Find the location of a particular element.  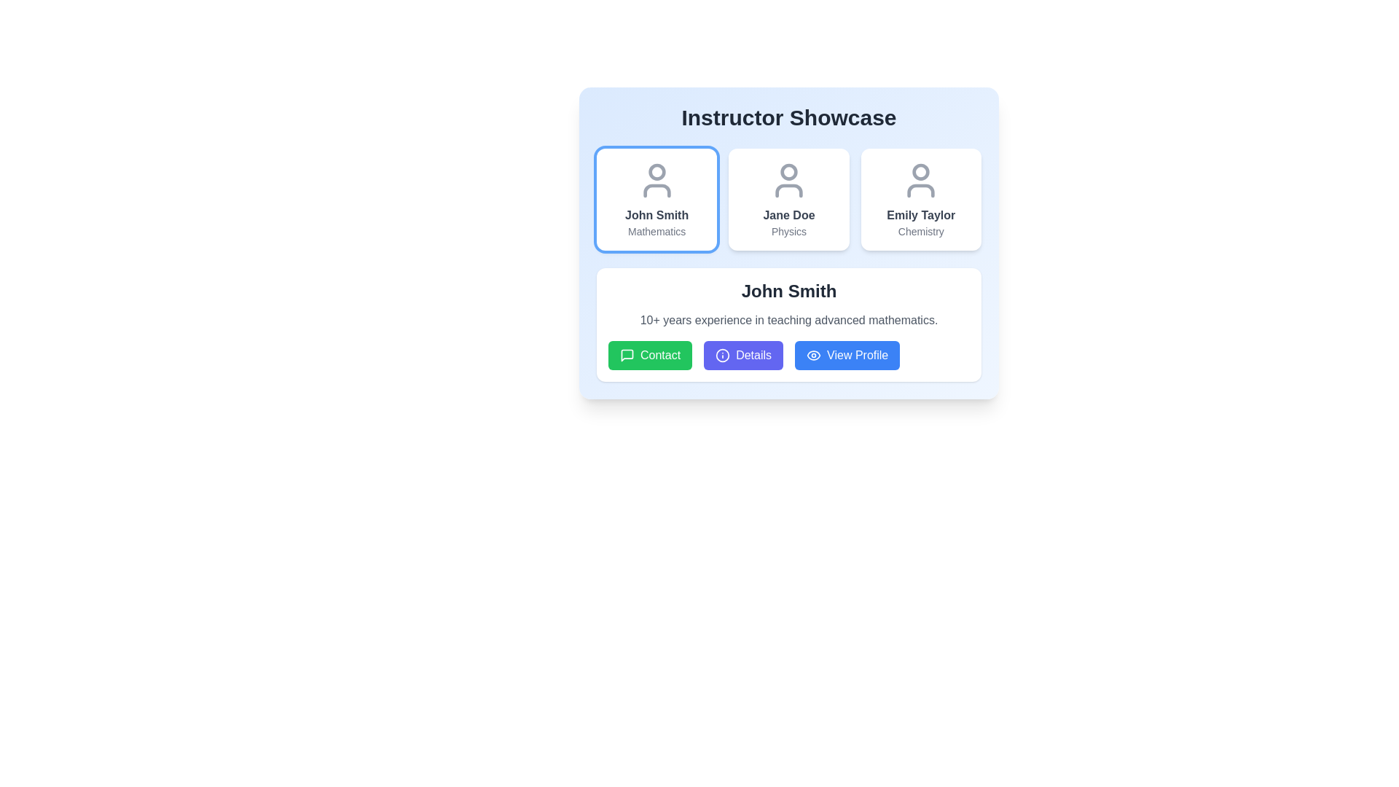

the circle representing the head in the user icon located in the first profile card of the 'Instructor Showcase', positioned at the leftmost column within the grid of three cards is located at coordinates (656, 171).